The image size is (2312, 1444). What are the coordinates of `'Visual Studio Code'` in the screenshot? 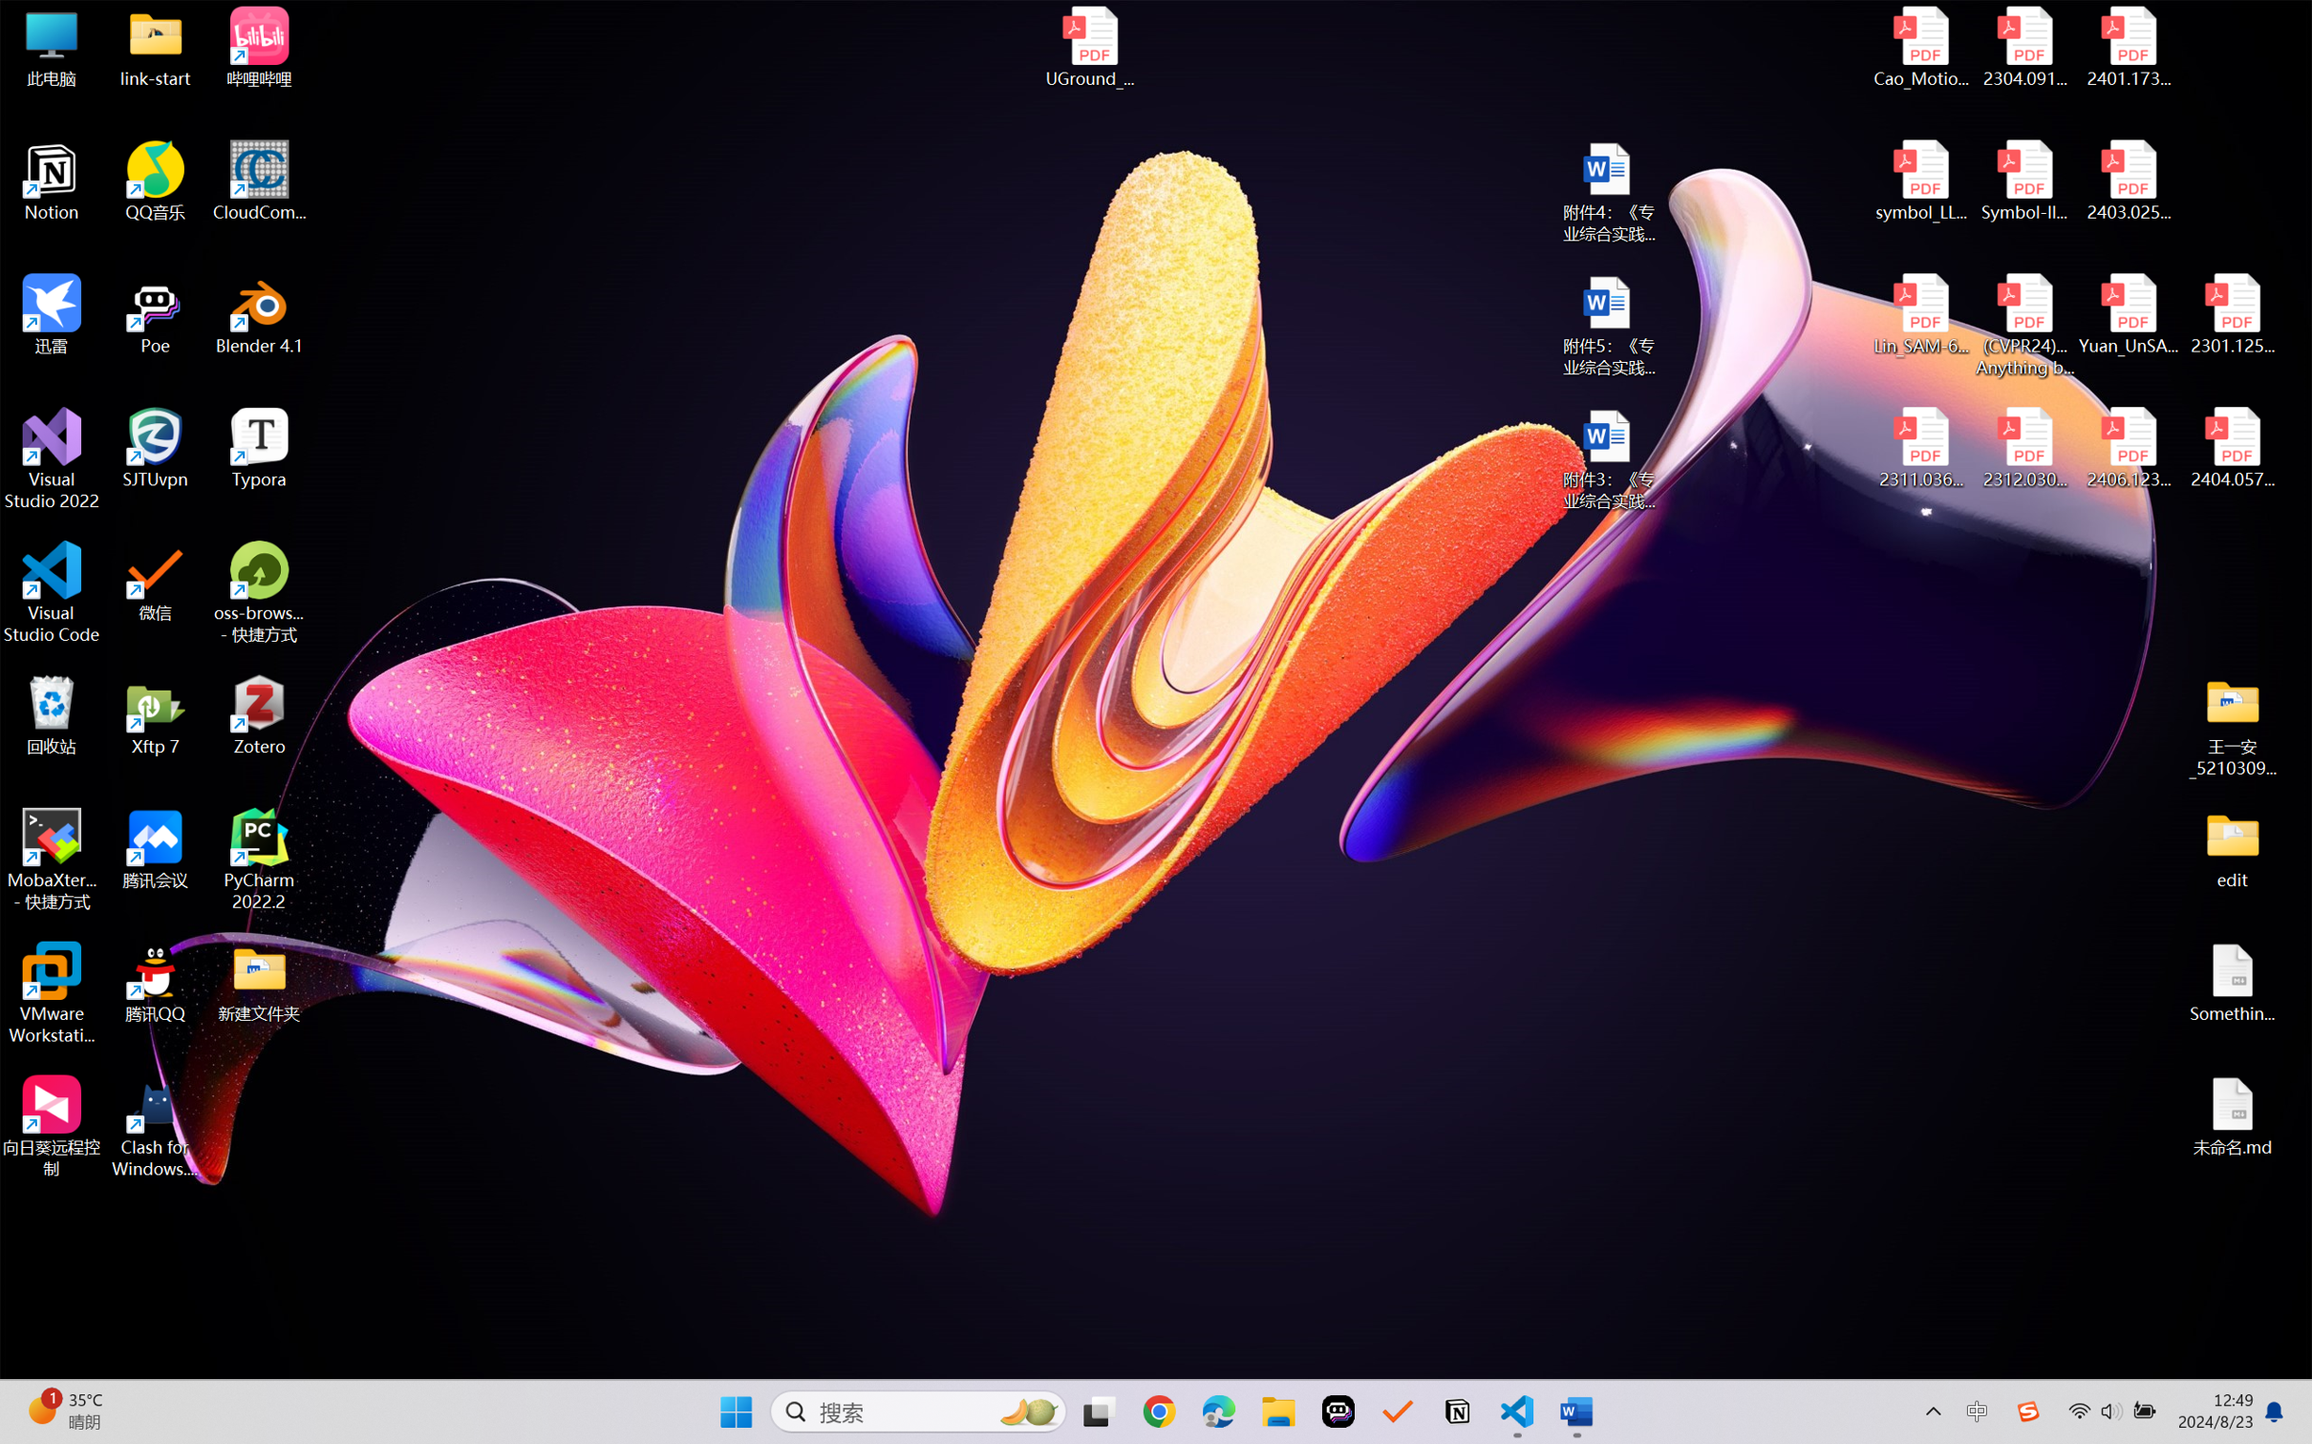 It's located at (51, 591).